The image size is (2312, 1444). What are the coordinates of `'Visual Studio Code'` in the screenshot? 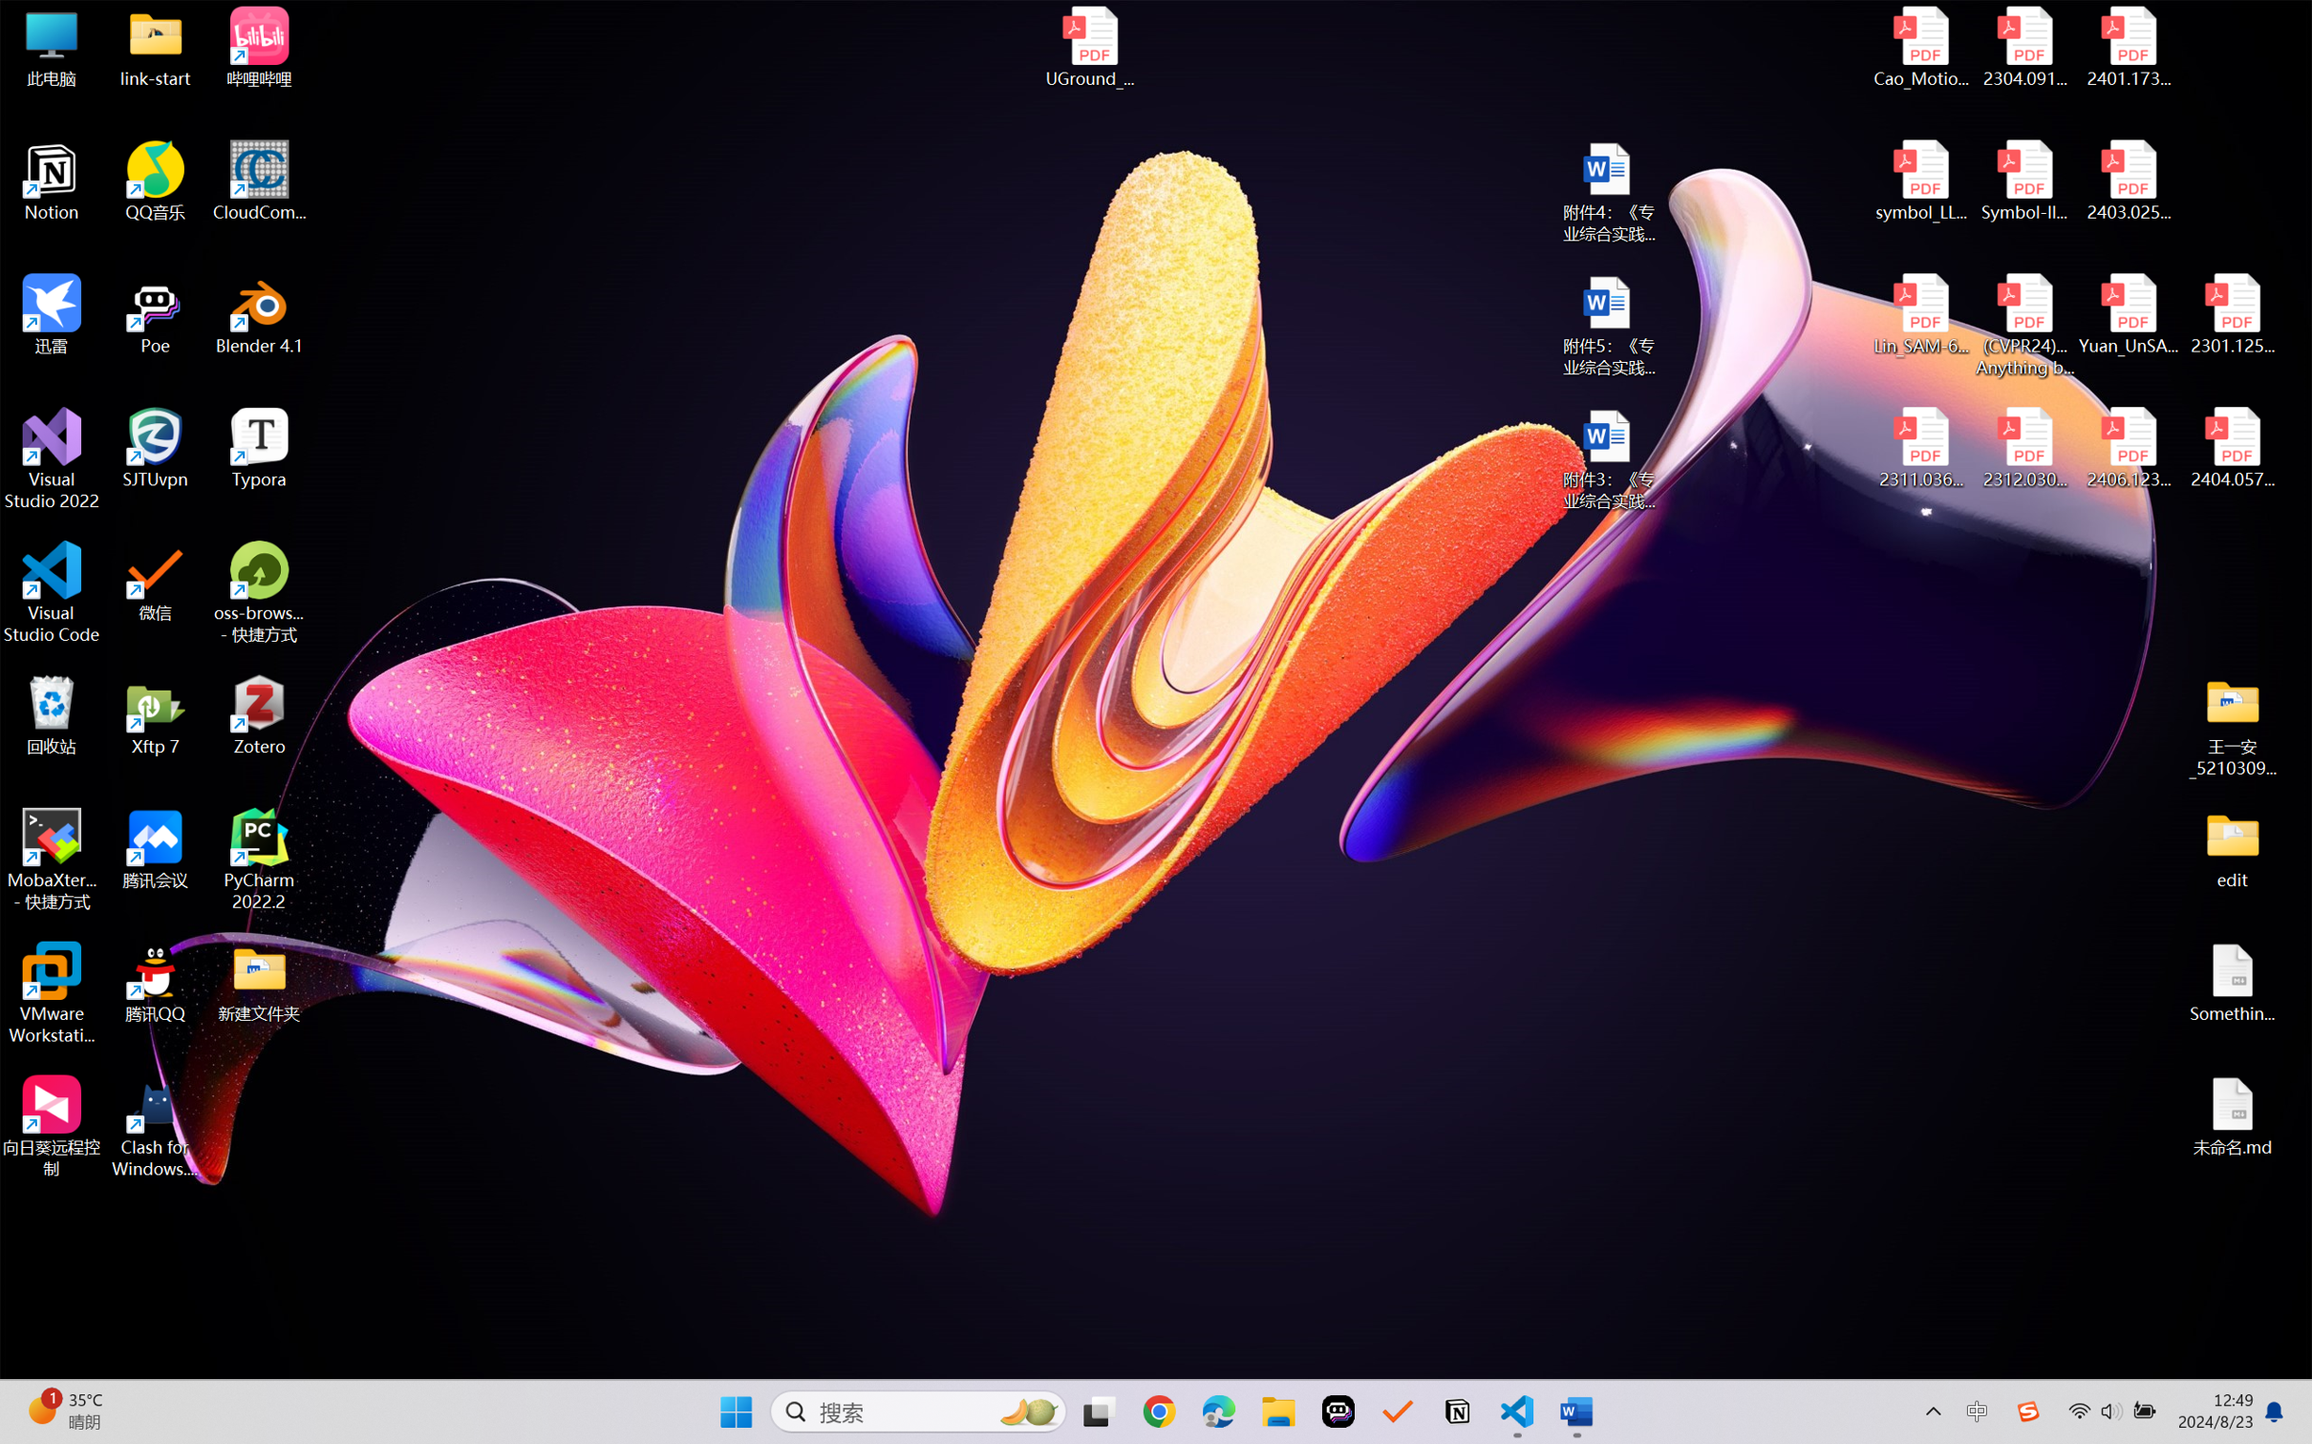 It's located at (51, 591).